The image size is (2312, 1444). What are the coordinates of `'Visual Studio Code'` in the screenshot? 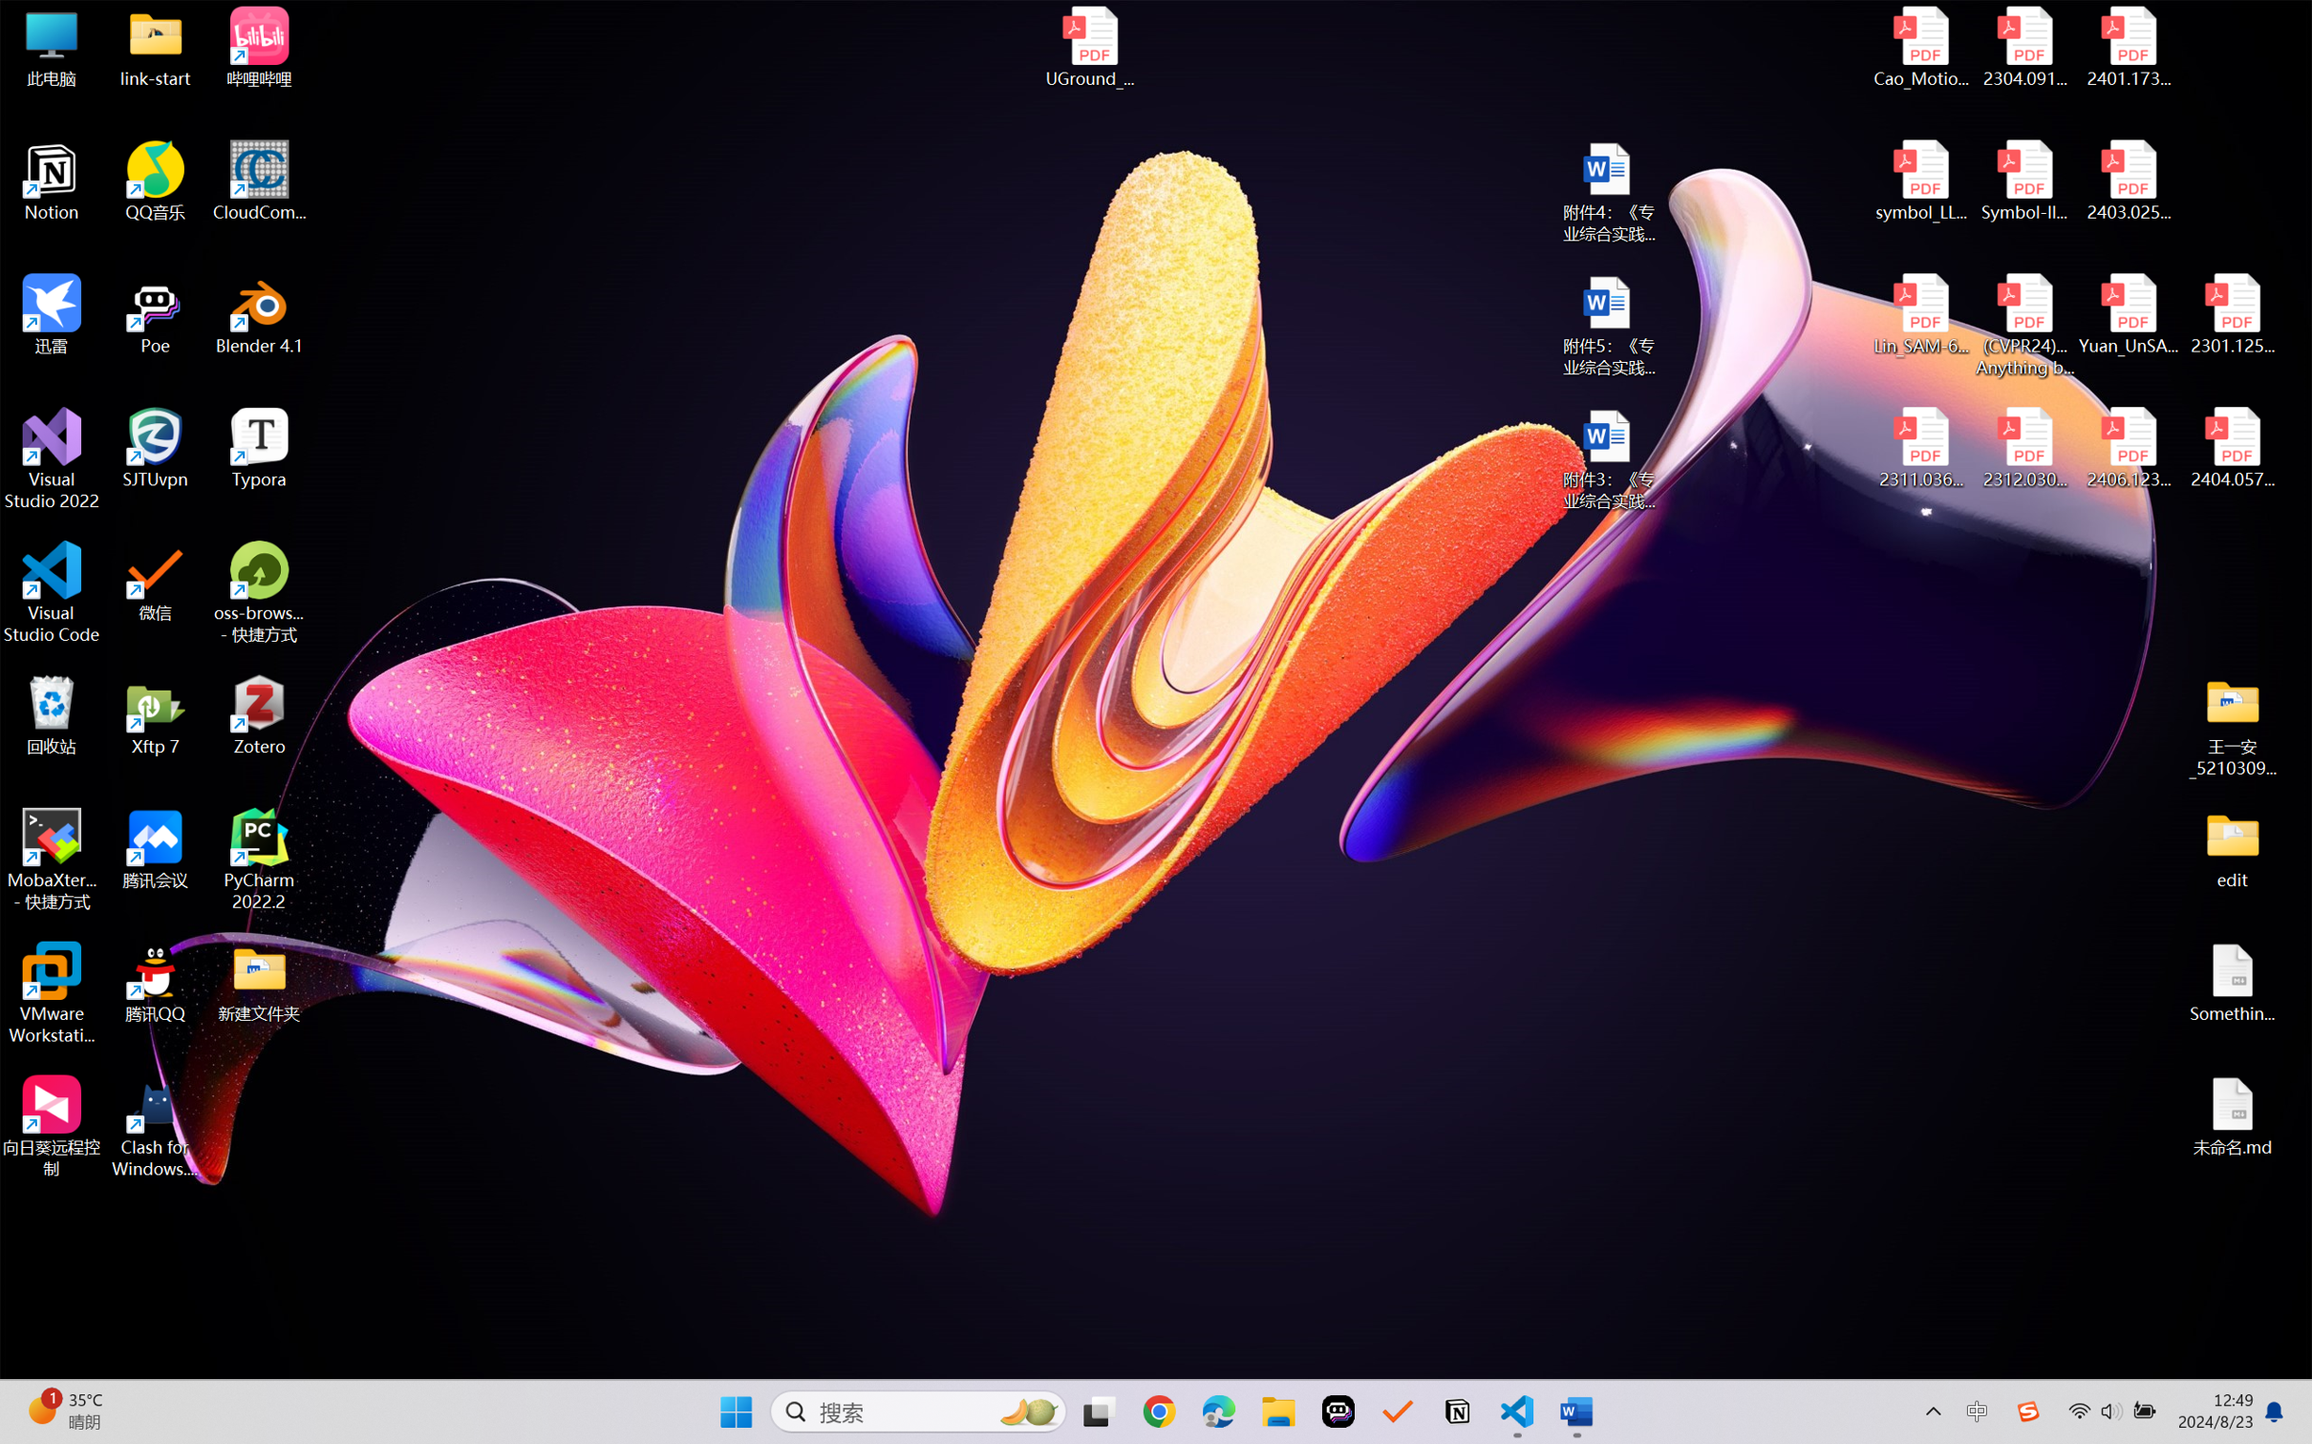 It's located at (51, 591).